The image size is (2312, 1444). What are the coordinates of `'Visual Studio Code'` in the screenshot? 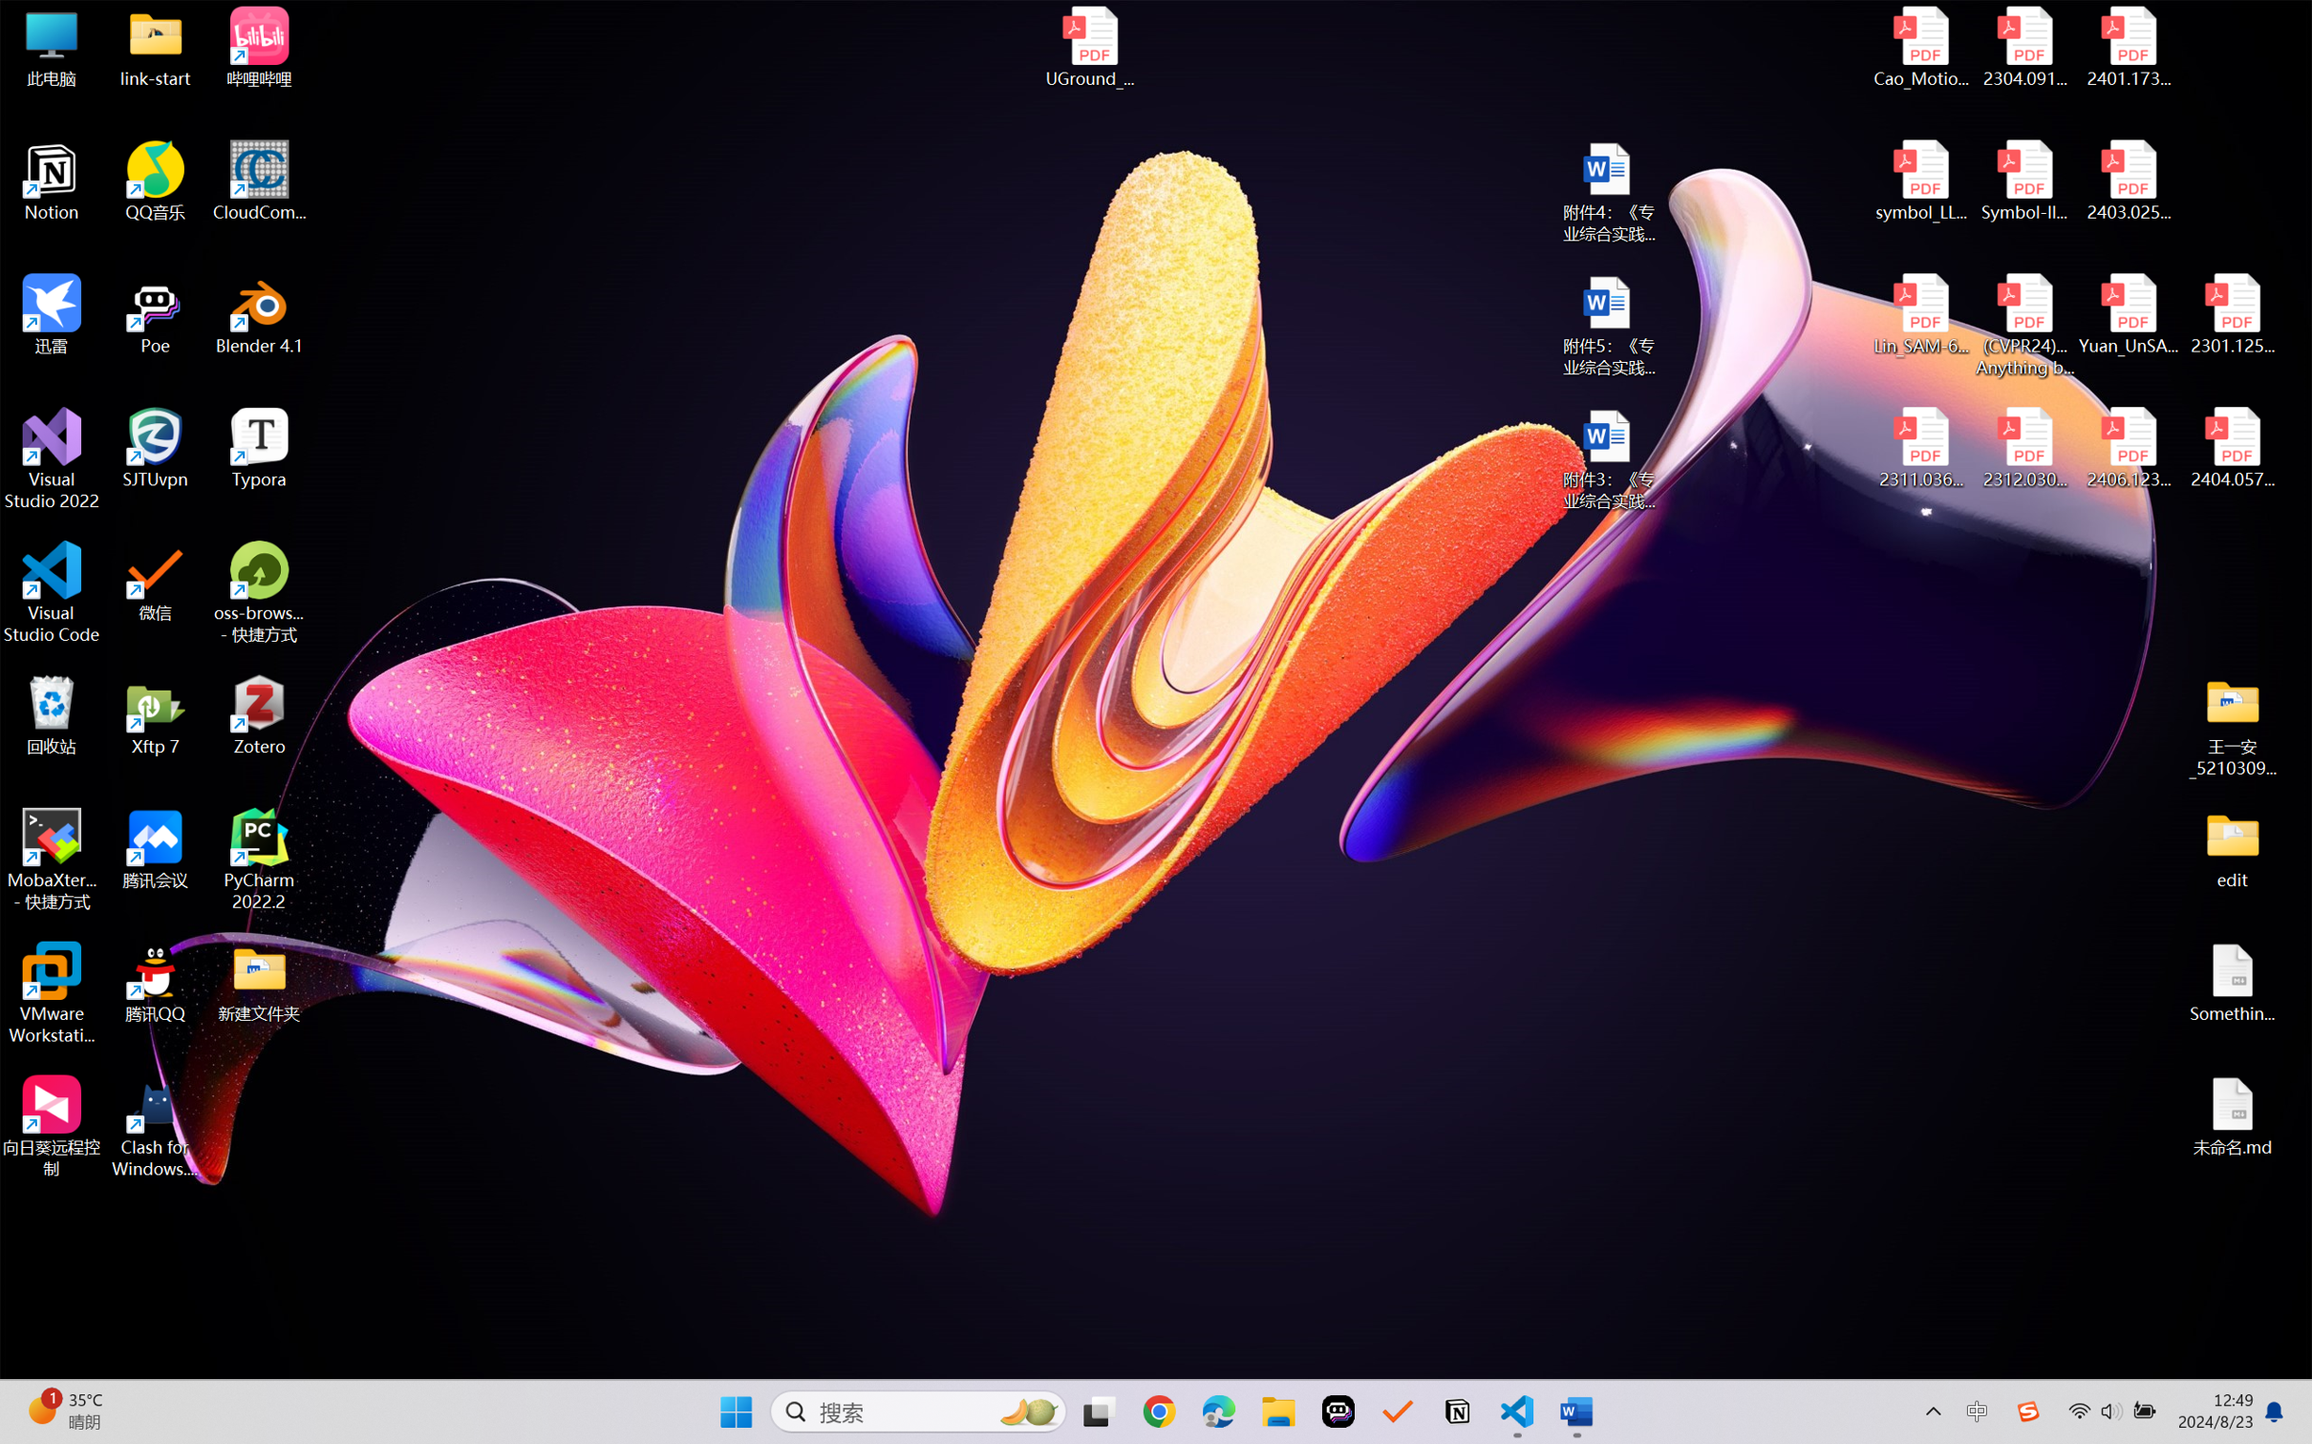 It's located at (51, 591).